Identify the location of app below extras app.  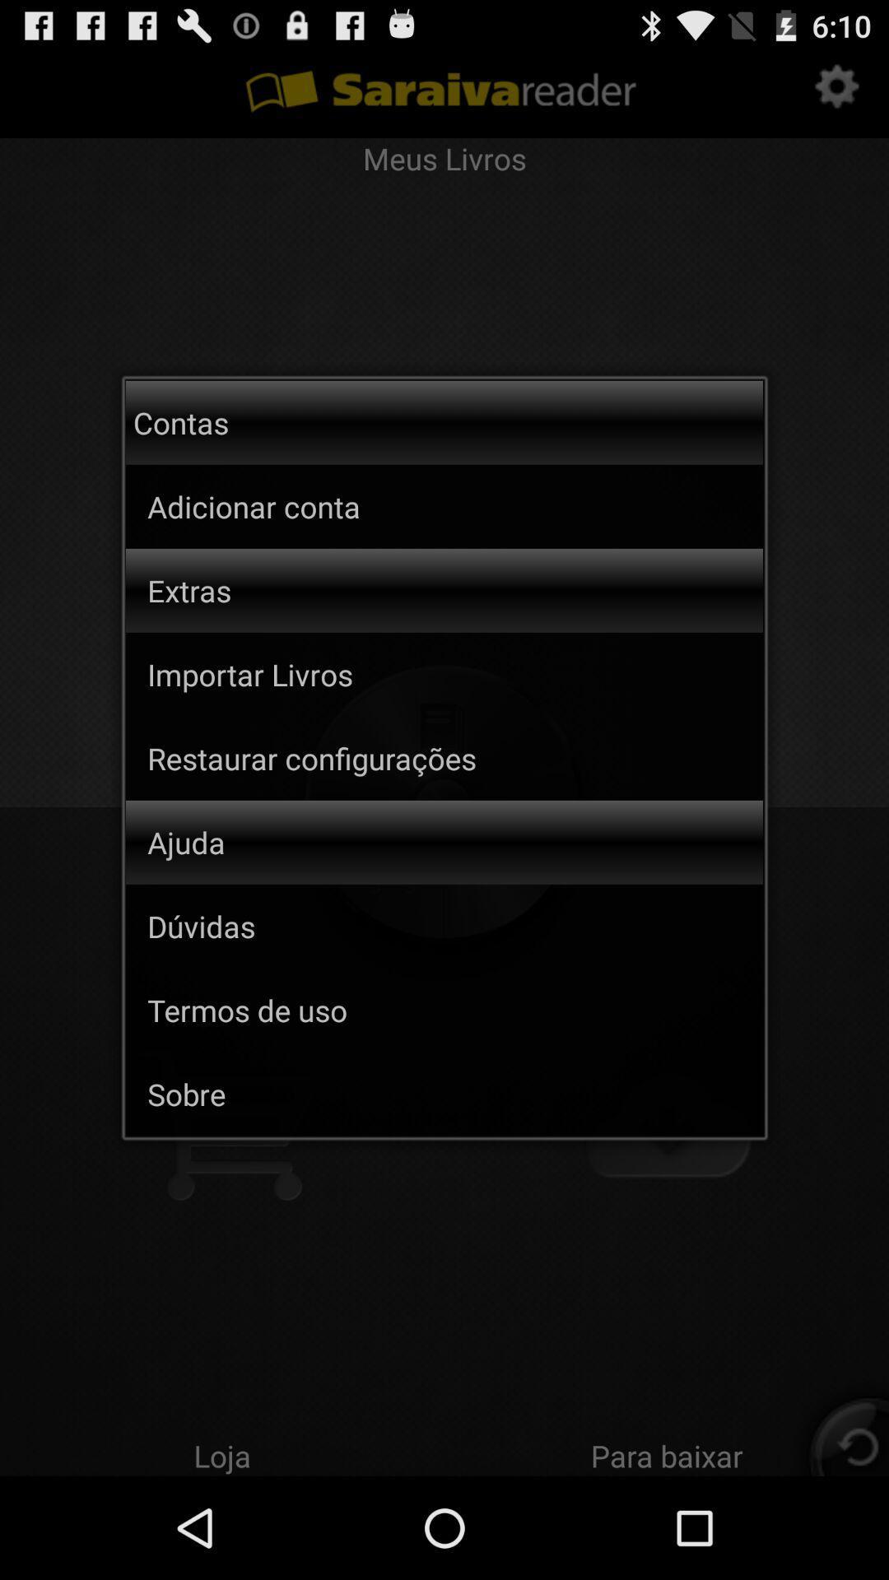
(455, 674).